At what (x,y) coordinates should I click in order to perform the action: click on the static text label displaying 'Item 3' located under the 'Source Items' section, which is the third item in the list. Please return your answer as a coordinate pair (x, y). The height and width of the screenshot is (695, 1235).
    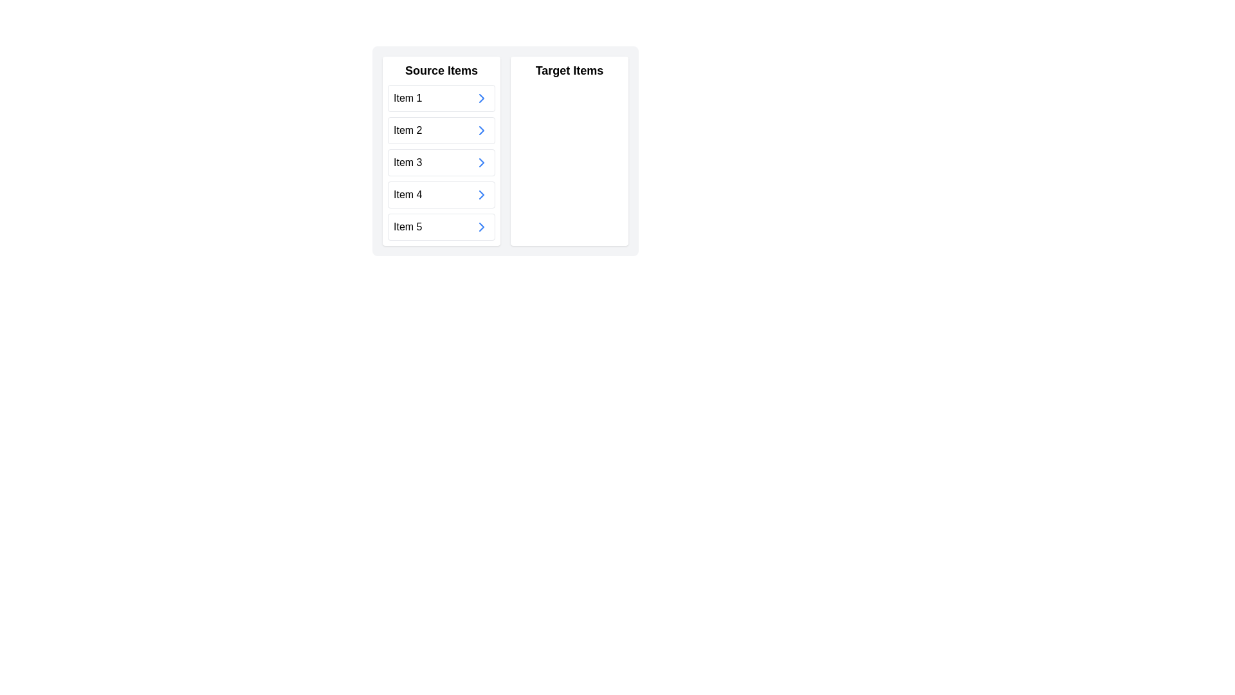
    Looking at the image, I should click on (407, 162).